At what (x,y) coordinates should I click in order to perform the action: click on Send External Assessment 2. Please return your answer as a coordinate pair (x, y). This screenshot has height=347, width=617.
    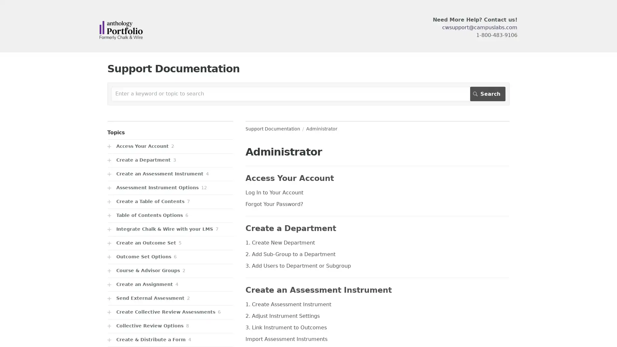
    Looking at the image, I should click on (170, 298).